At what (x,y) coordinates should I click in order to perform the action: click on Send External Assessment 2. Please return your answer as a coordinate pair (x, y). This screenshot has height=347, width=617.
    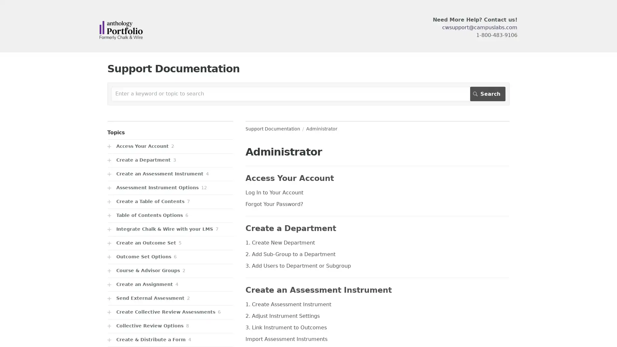
    Looking at the image, I should click on (170, 298).